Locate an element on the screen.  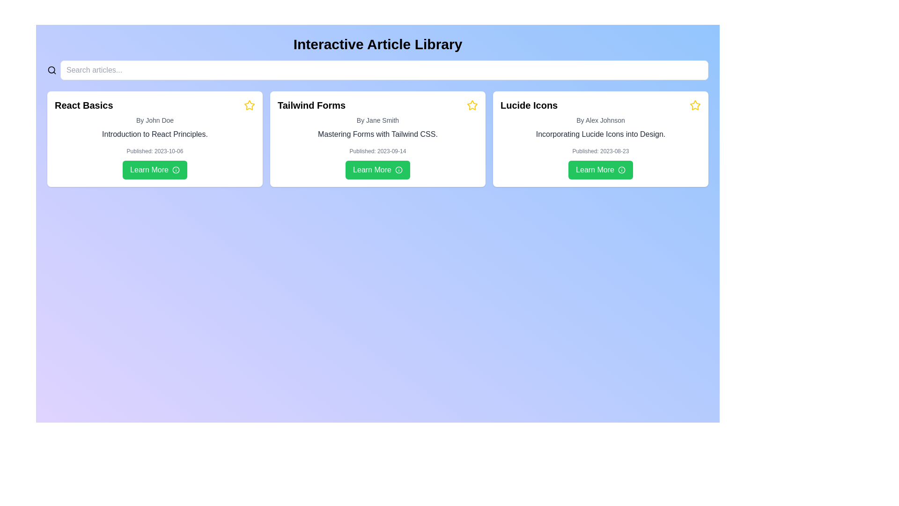
text from the Text Label element displaying 'By Jane Smith', which is located below the title 'Tailwind Forms' in the second article card is located at coordinates (377, 120).